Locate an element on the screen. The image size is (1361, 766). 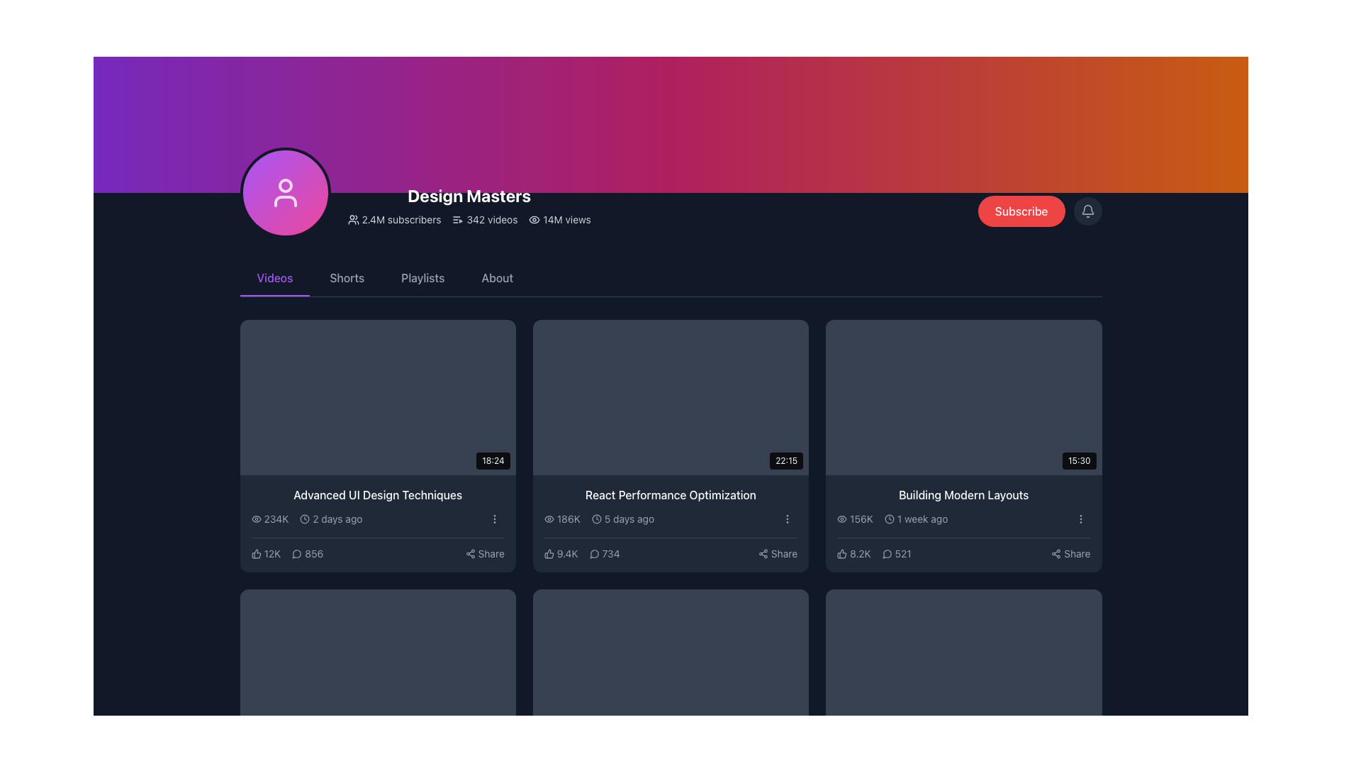
the small circular speech bubble icon outlined in light gray, which is located next to the numeric value '856' beneath the video card labeled 'Advanced UI Design Techniques' is located at coordinates (296, 553).